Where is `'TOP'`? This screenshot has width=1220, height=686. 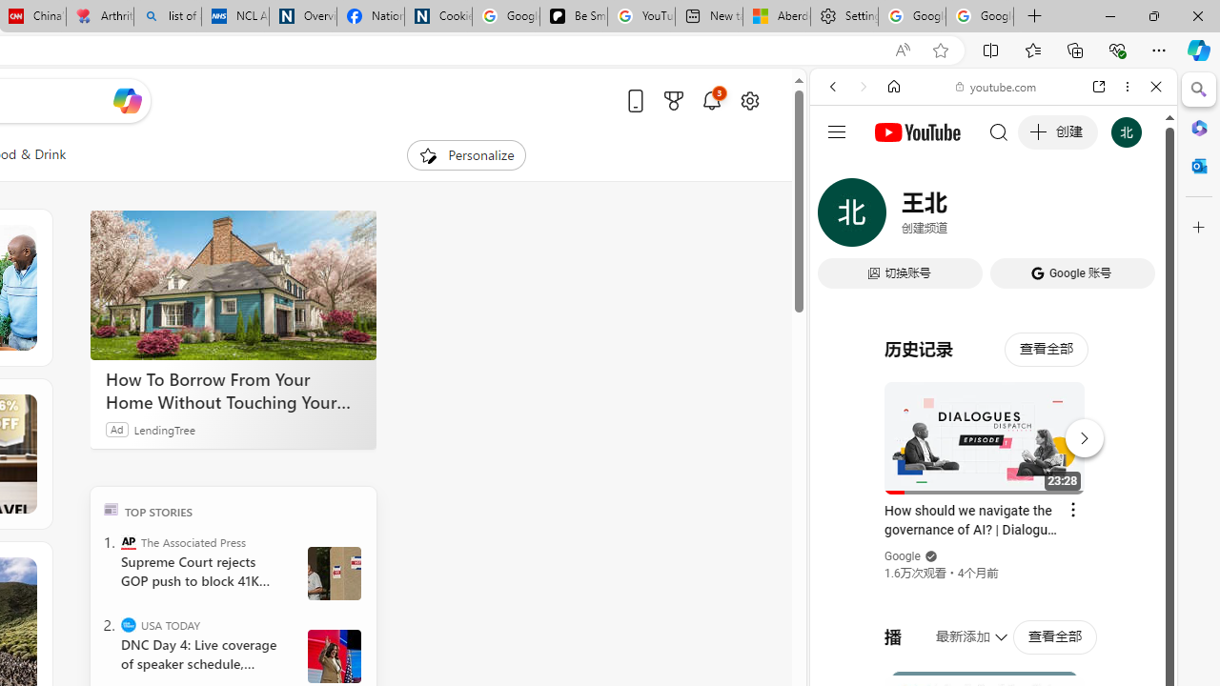
'TOP' is located at coordinates (111, 508).